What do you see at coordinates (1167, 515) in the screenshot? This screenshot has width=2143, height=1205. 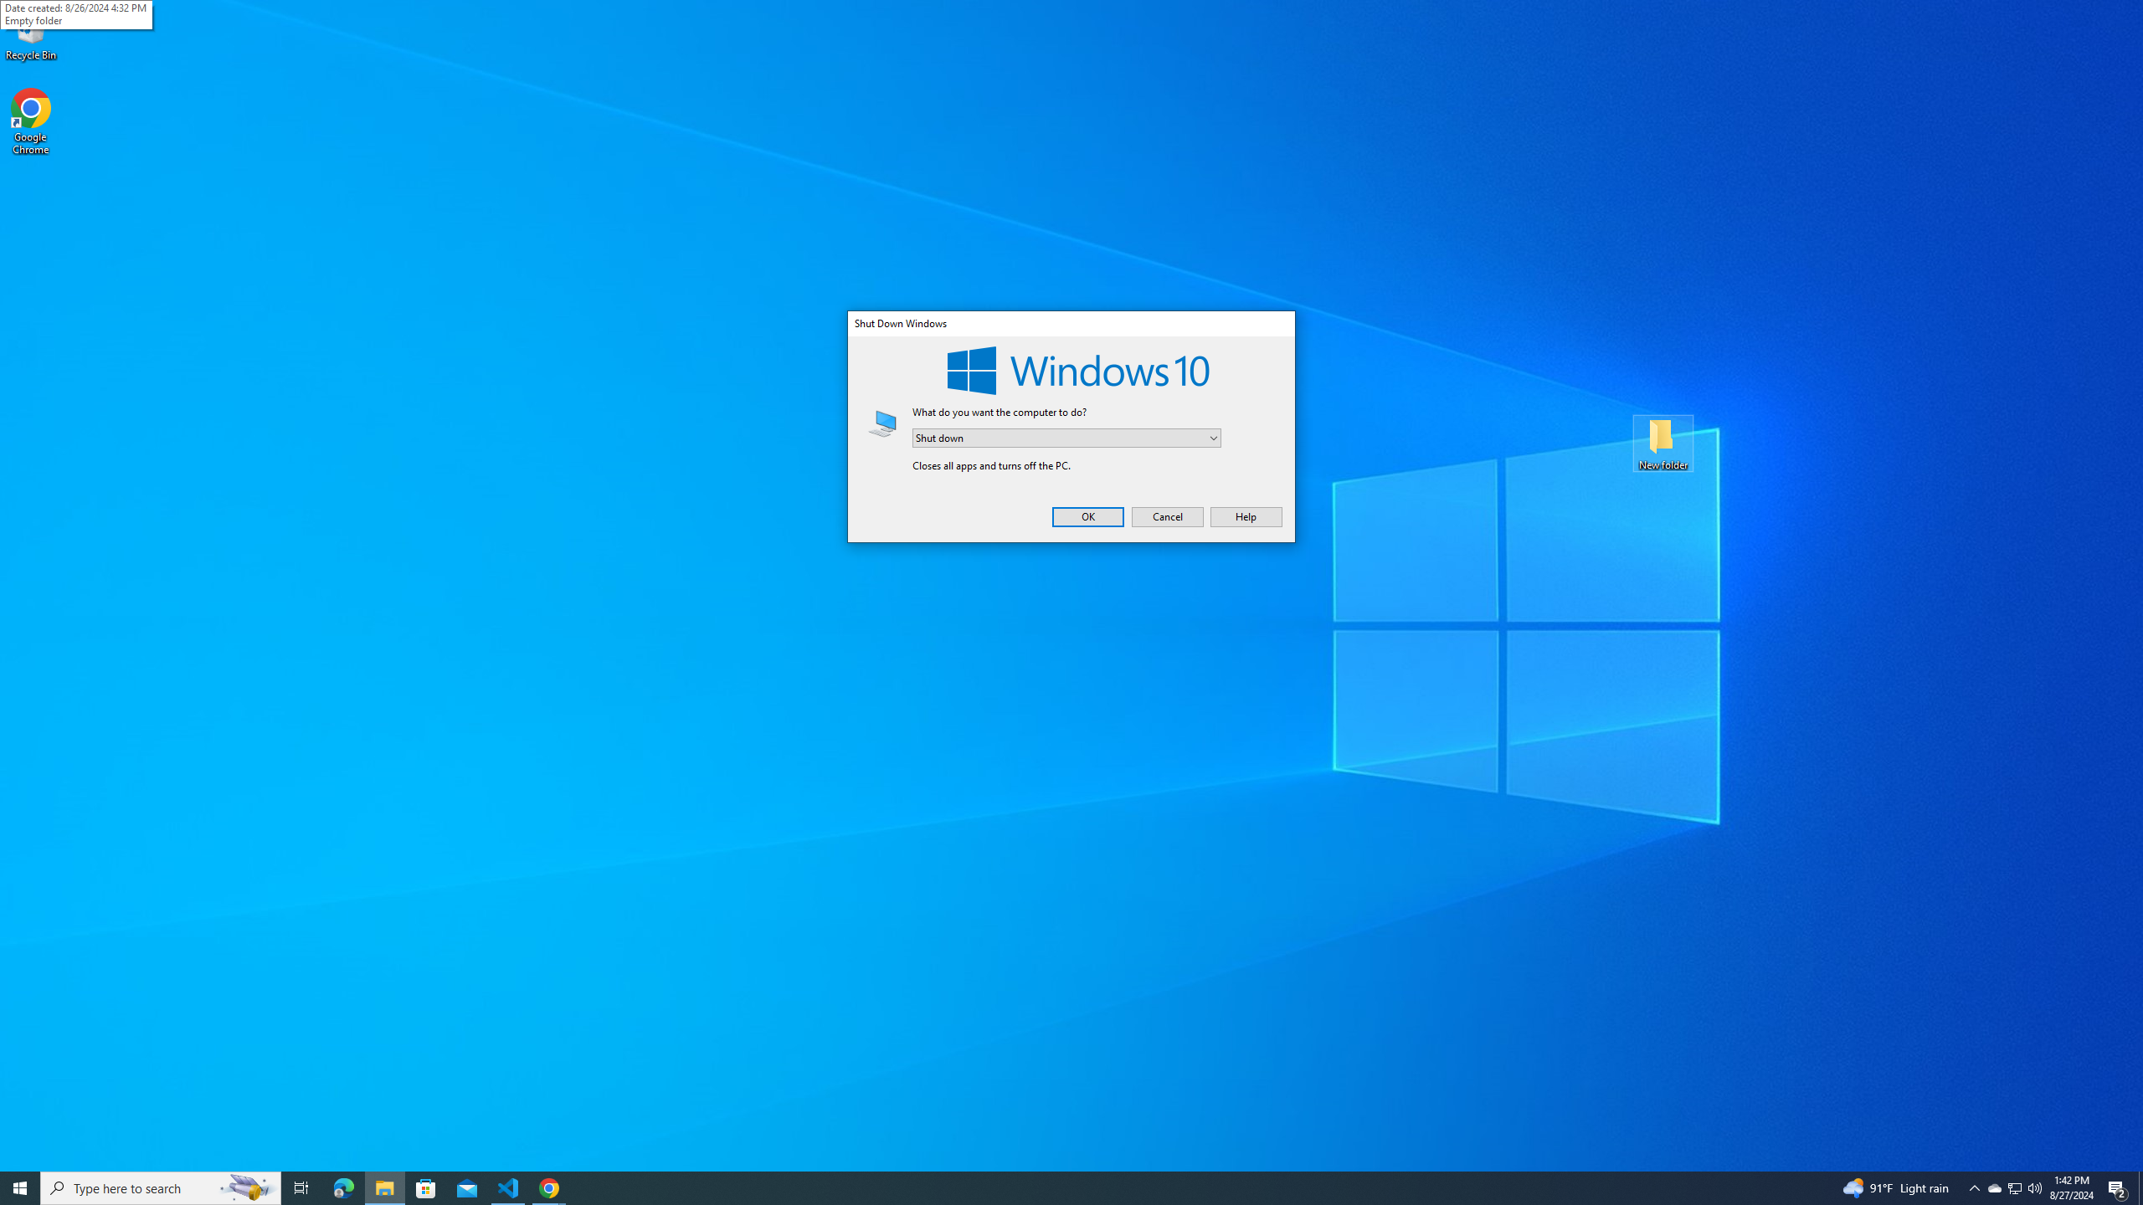 I see `'Cancel'` at bounding box center [1167, 515].